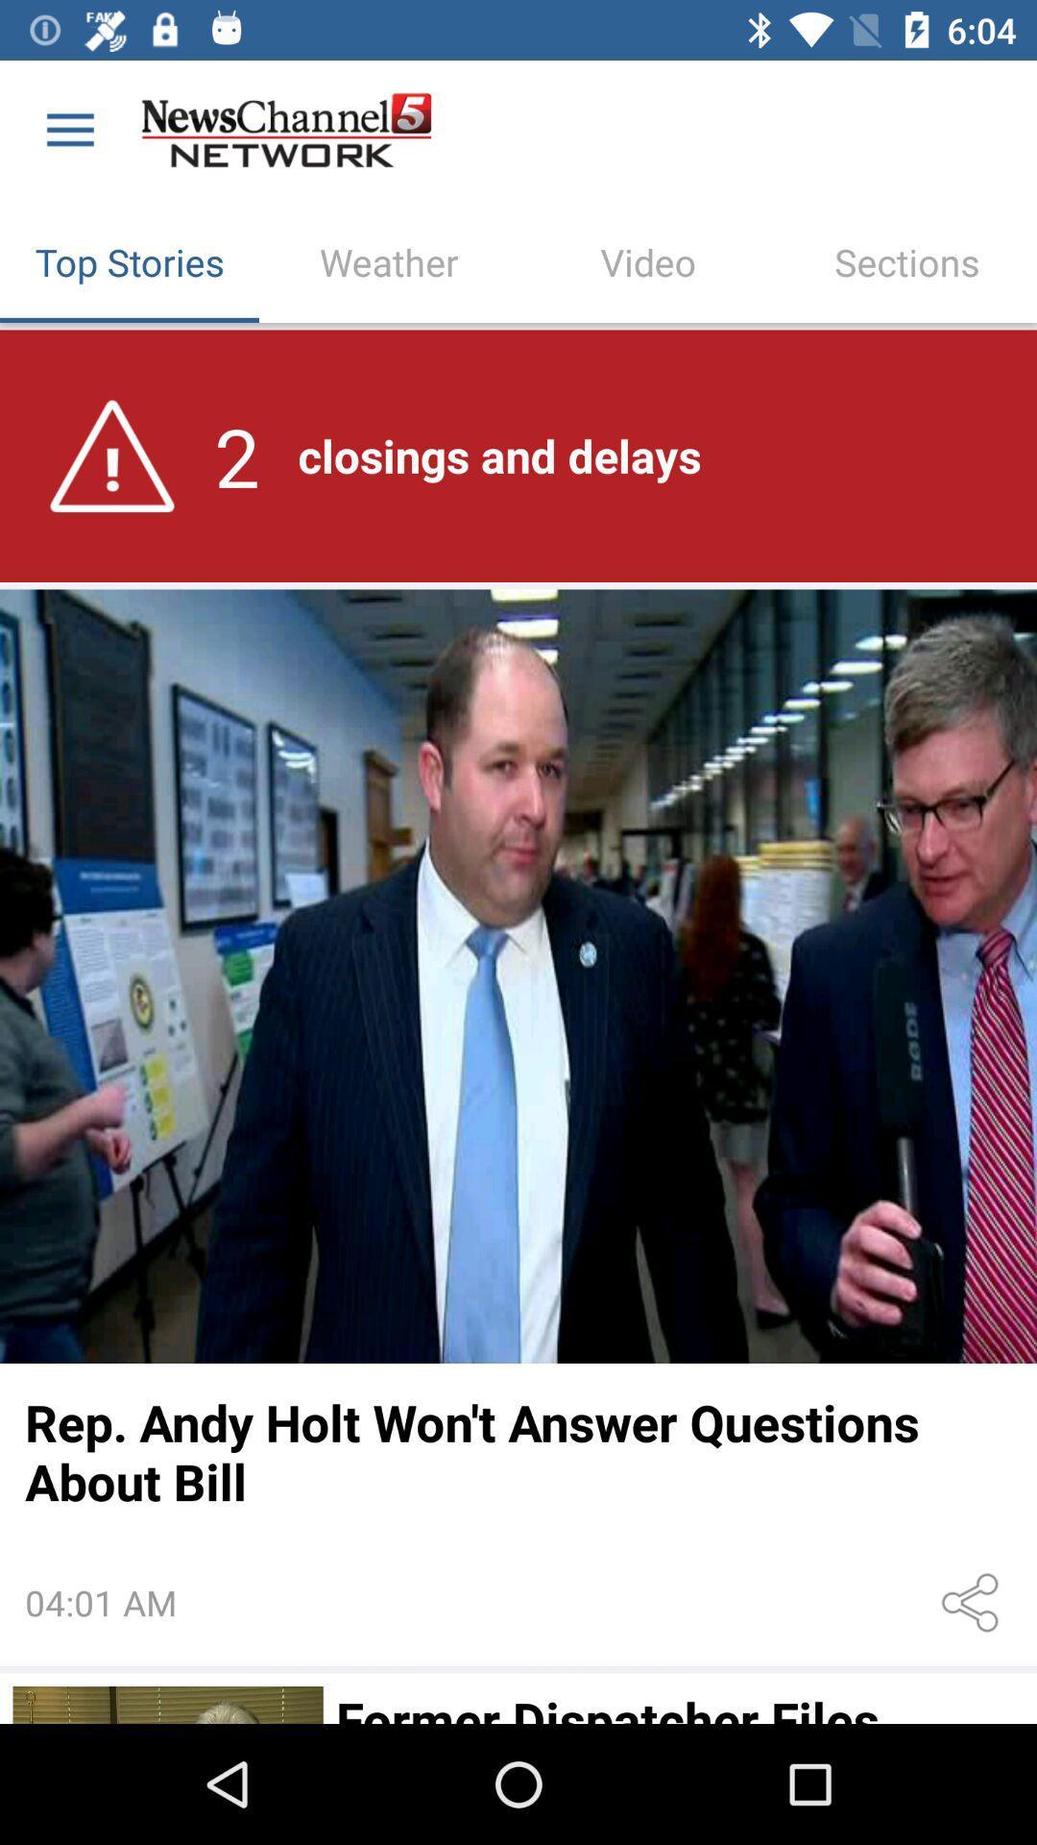  What do you see at coordinates (518, 976) in the screenshot?
I see `full story` at bounding box center [518, 976].